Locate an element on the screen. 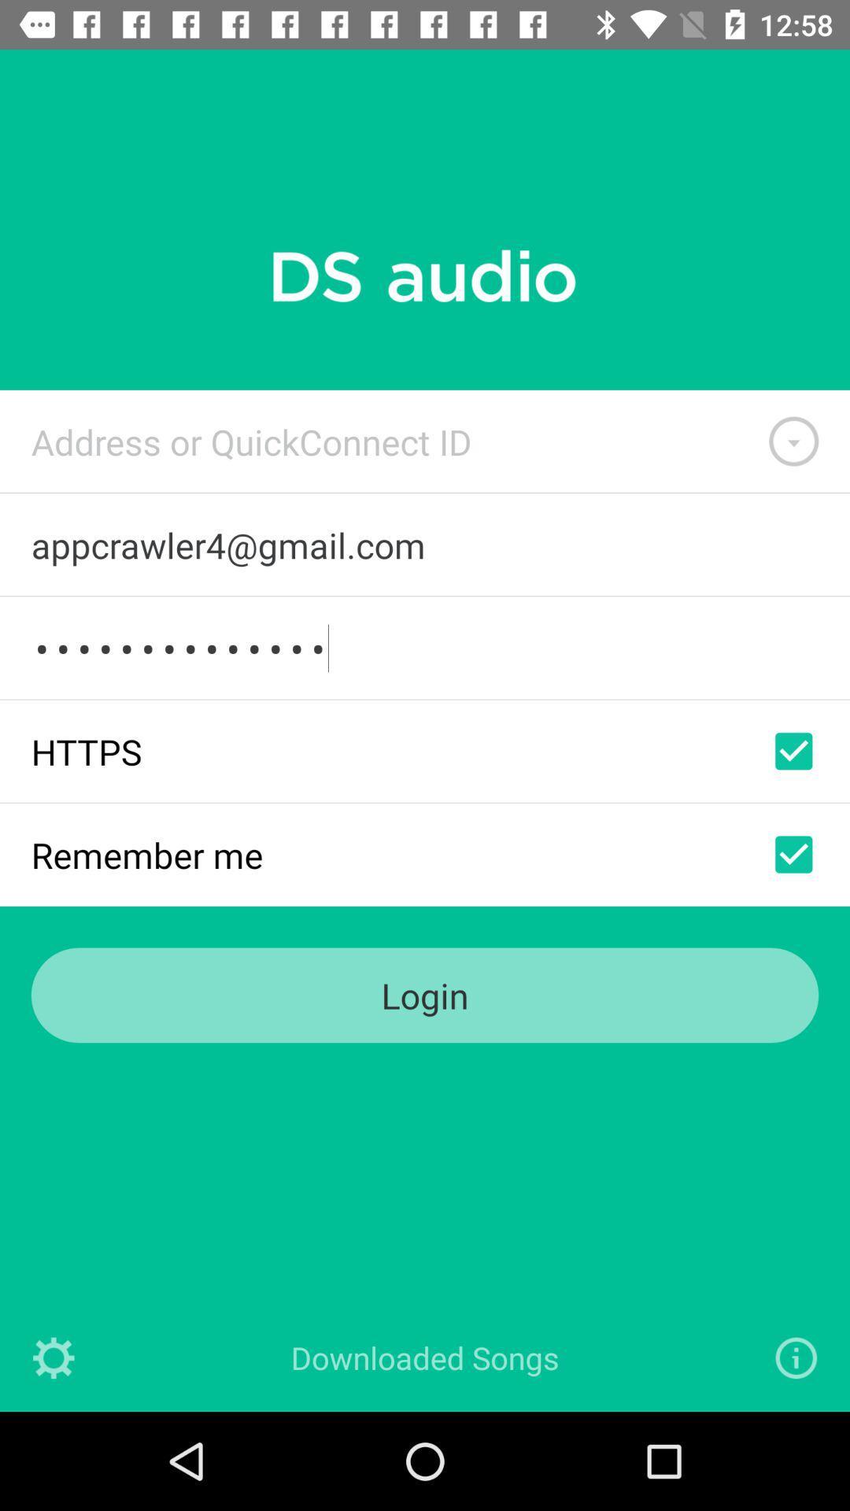  https off is located at coordinates (793, 750).